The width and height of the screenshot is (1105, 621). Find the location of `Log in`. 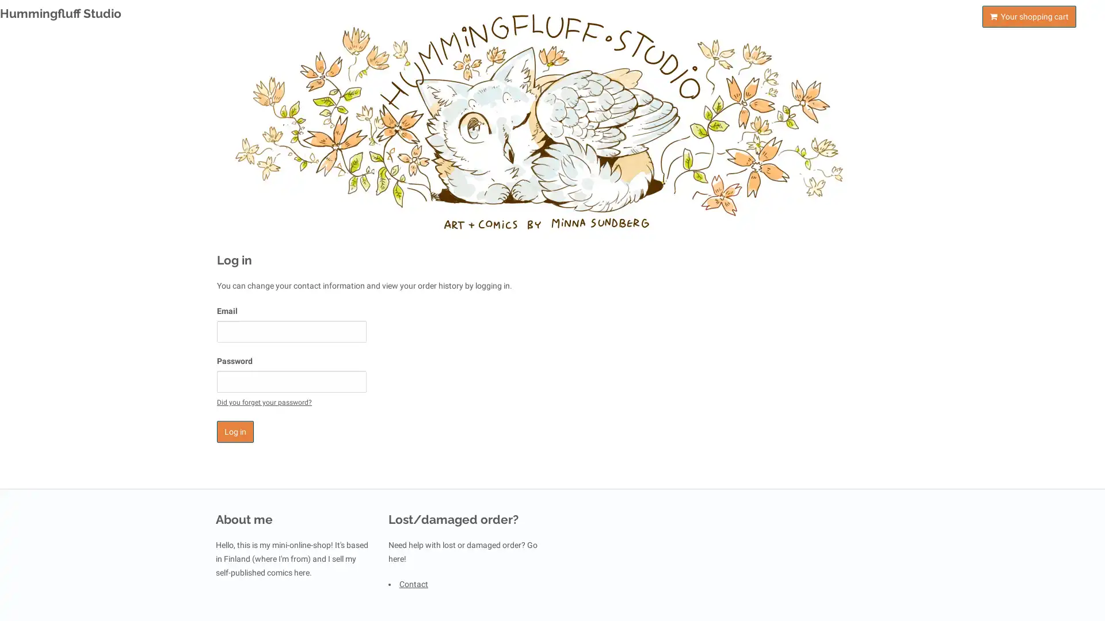

Log in is located at coordinates (234, 432).